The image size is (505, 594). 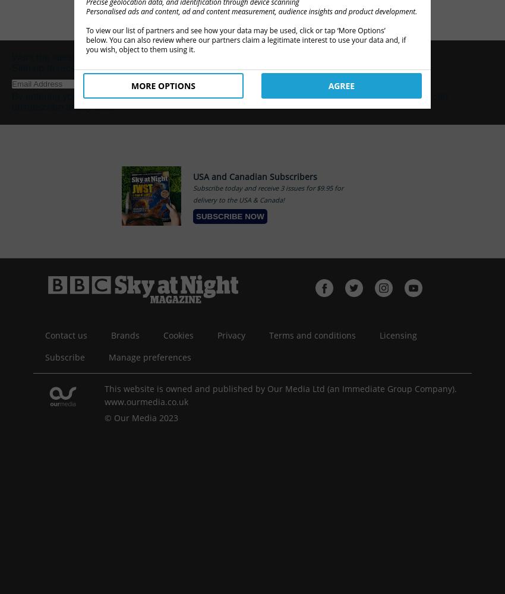 I want to click on 'You can unsubscribe at any time.', so click(x=229, y=102).